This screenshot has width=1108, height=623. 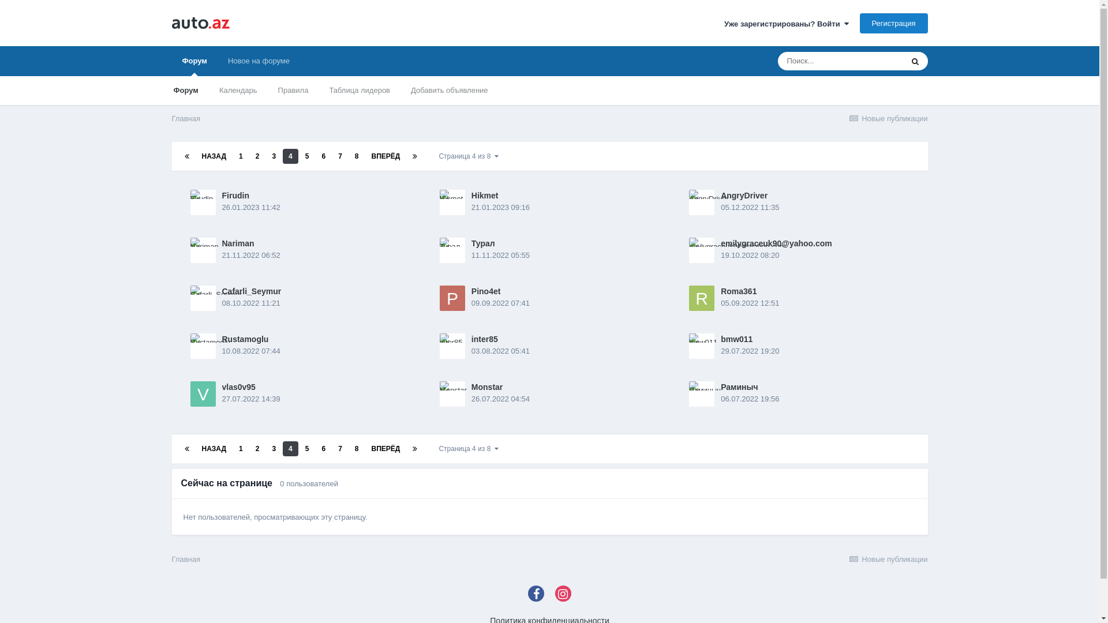 What do you see at coordinates (339, 447) in the screenshot?
I see `'7'` at bounding box center [339, 447].